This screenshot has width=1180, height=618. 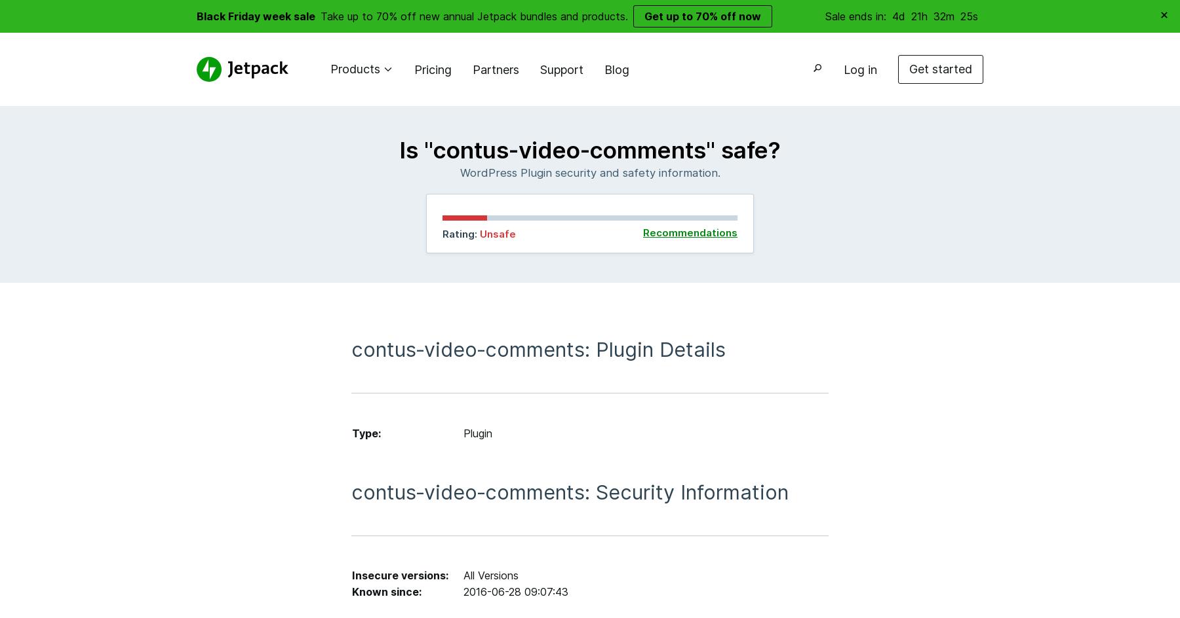 What do you see at coordinates (857, 15) in the screenshot?
I see `'Sale ends in:'` at bounding box center [857, 15].